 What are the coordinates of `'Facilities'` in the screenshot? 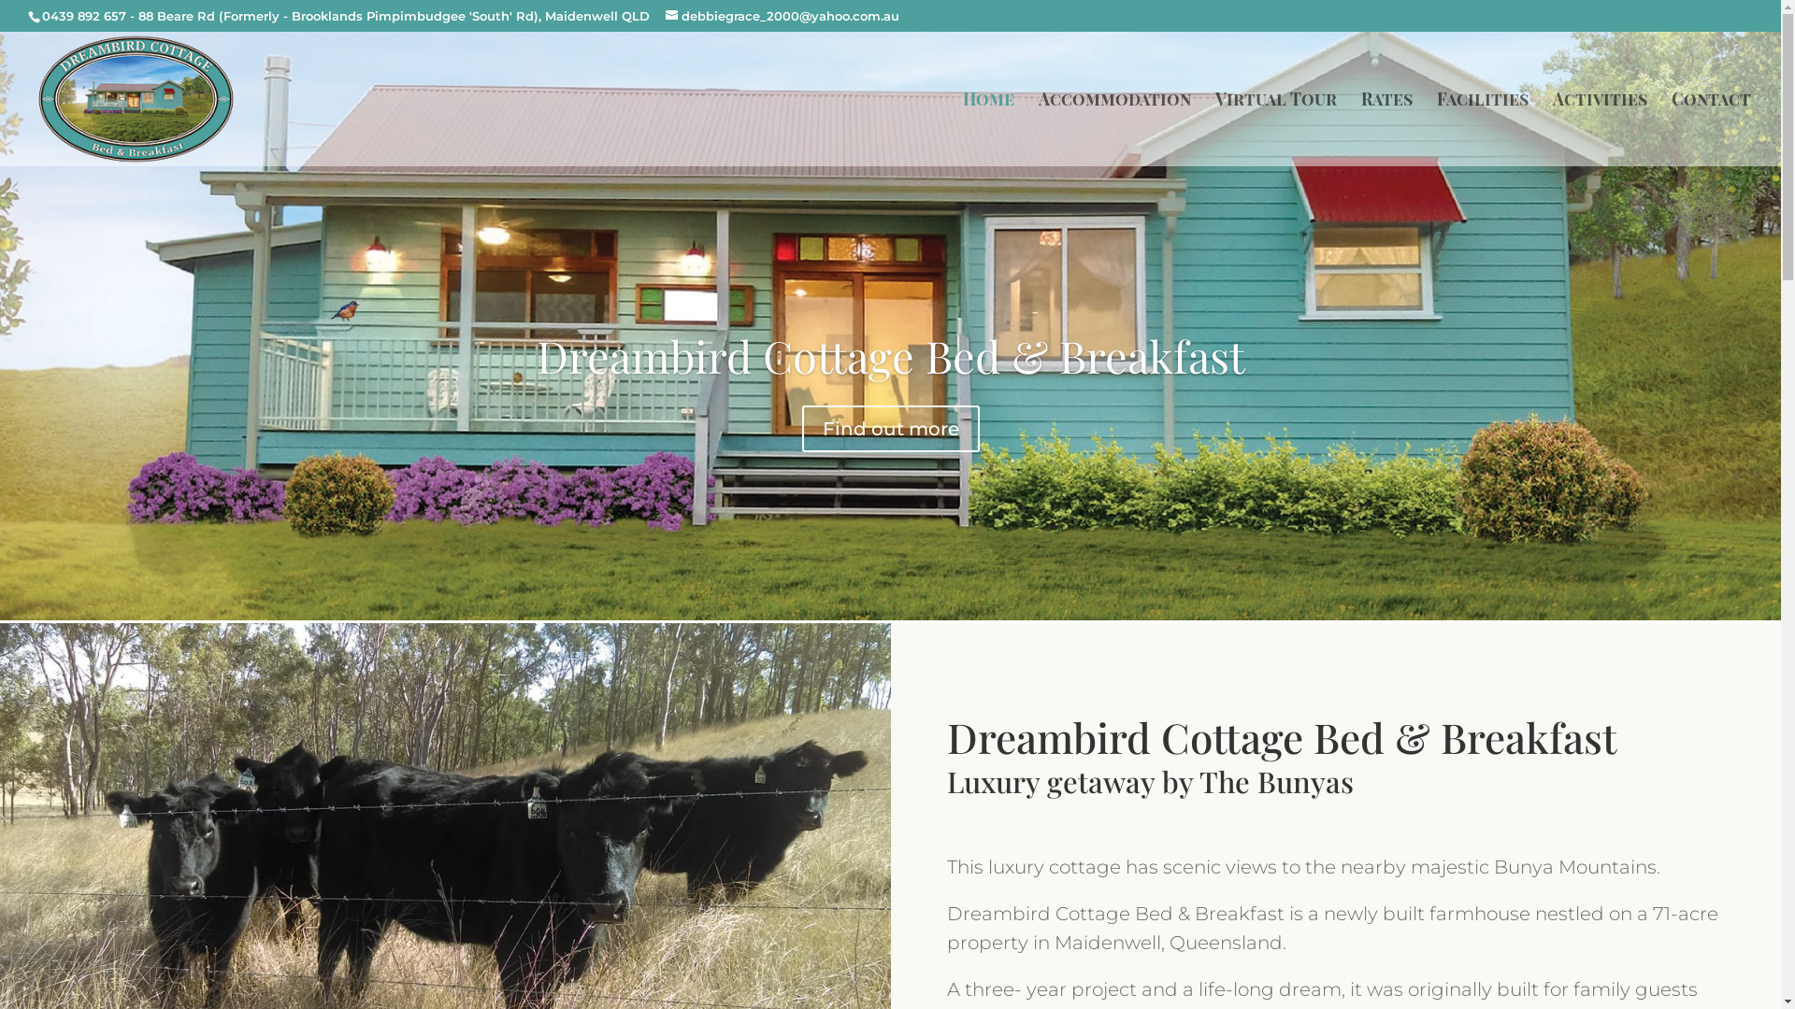 It's located at (1435, 127).